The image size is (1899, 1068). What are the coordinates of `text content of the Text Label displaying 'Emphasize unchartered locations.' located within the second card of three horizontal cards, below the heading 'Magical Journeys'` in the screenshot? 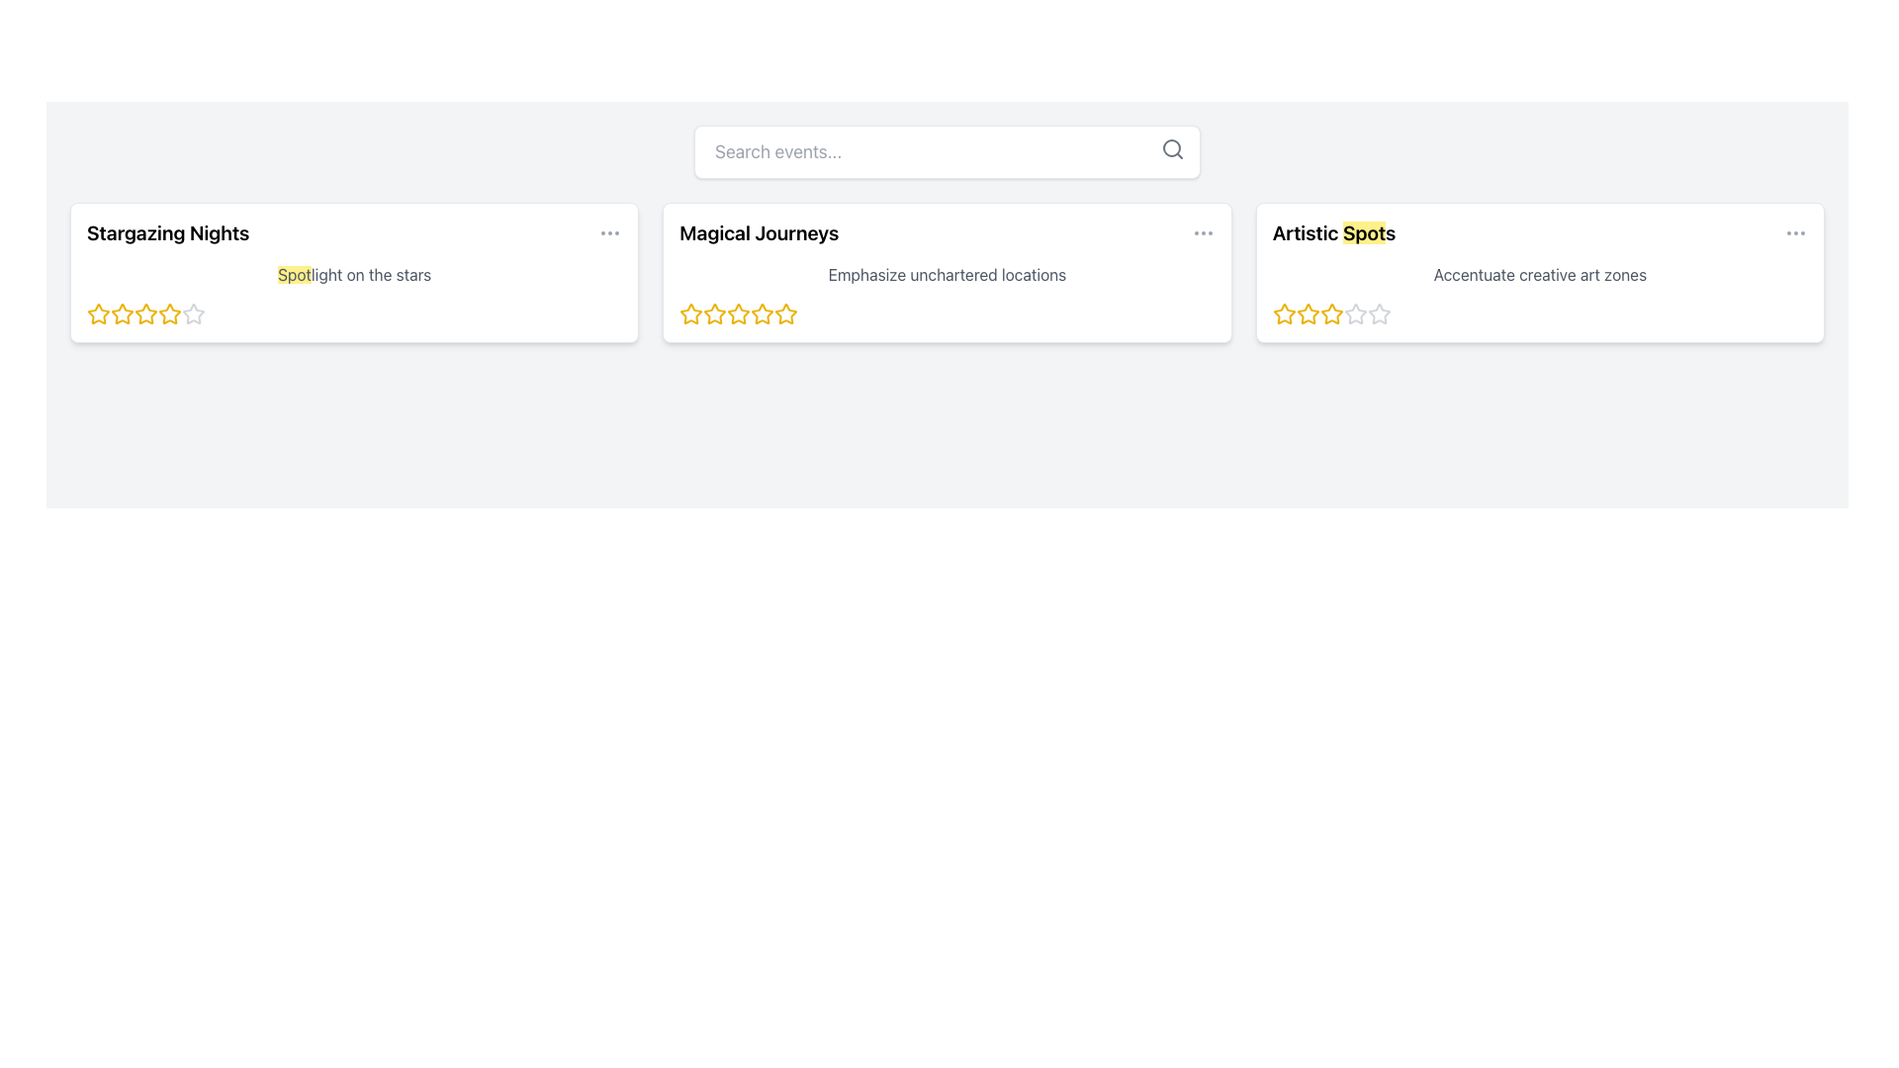 It's located at (947, 274).